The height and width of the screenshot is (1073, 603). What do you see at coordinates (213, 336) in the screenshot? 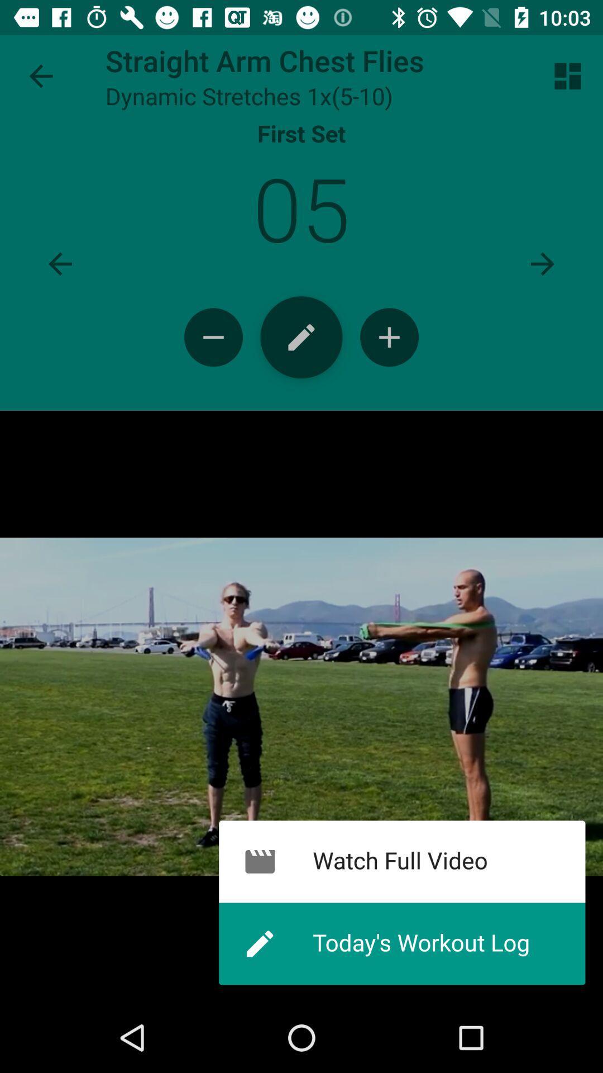
I see `count decrease` at bounding box center [213, 336].